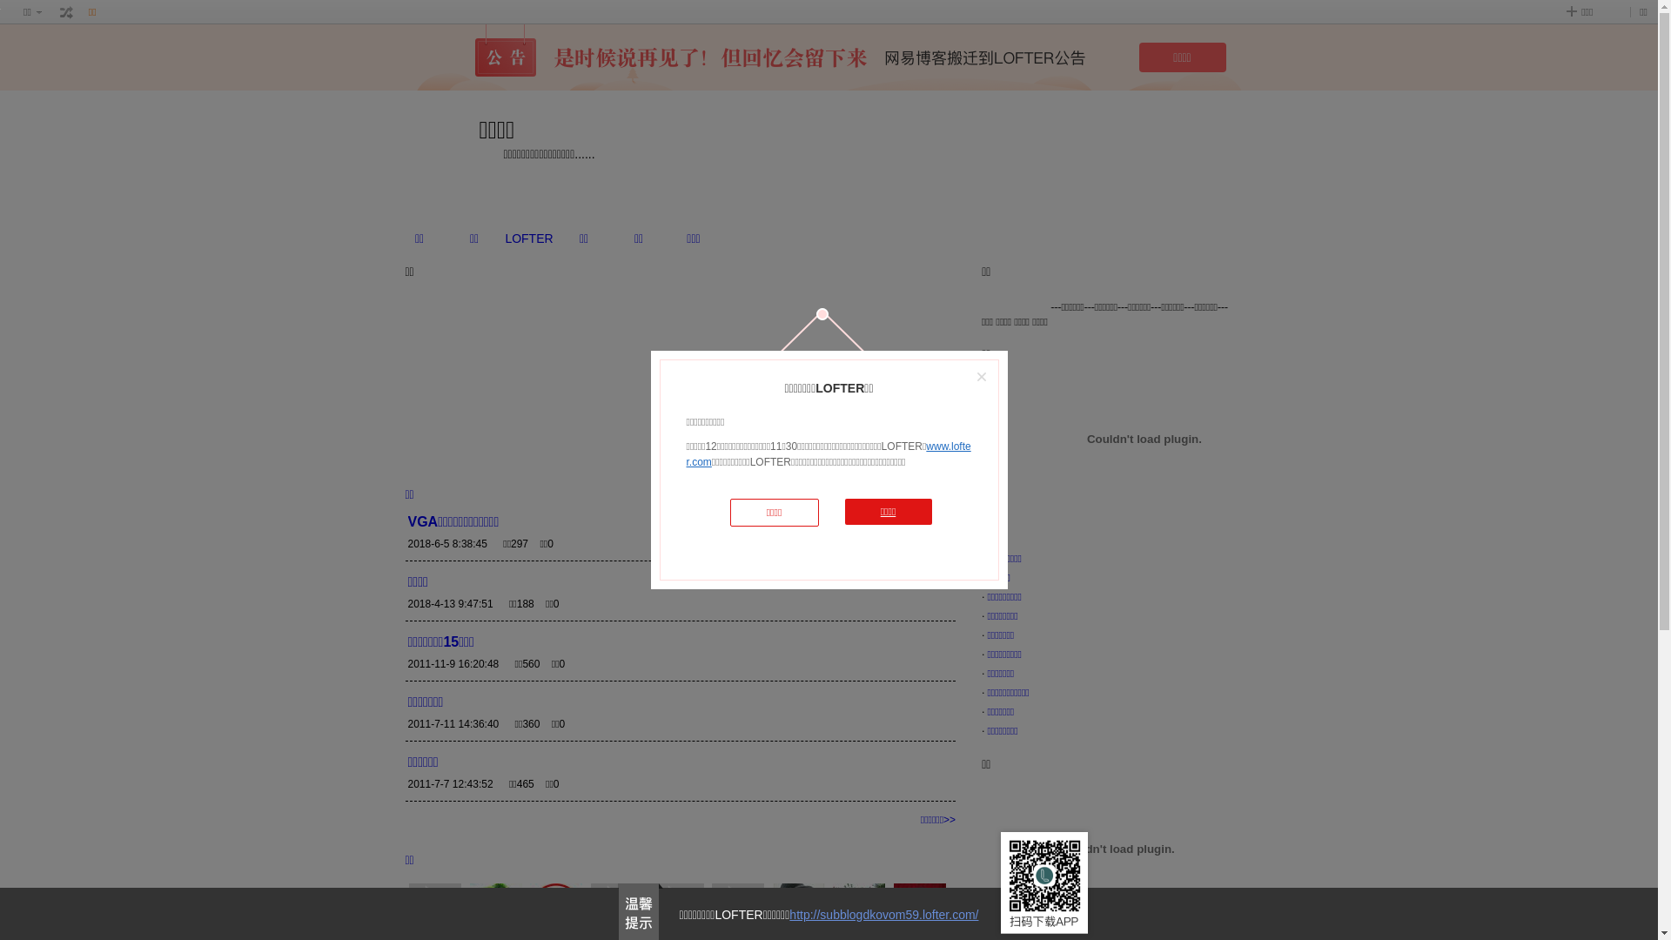 This screenshot has width=1671, height=940. Describe the element at coordinates (527, 238) in the screenshot. I see `'LOFTER'` at that location.